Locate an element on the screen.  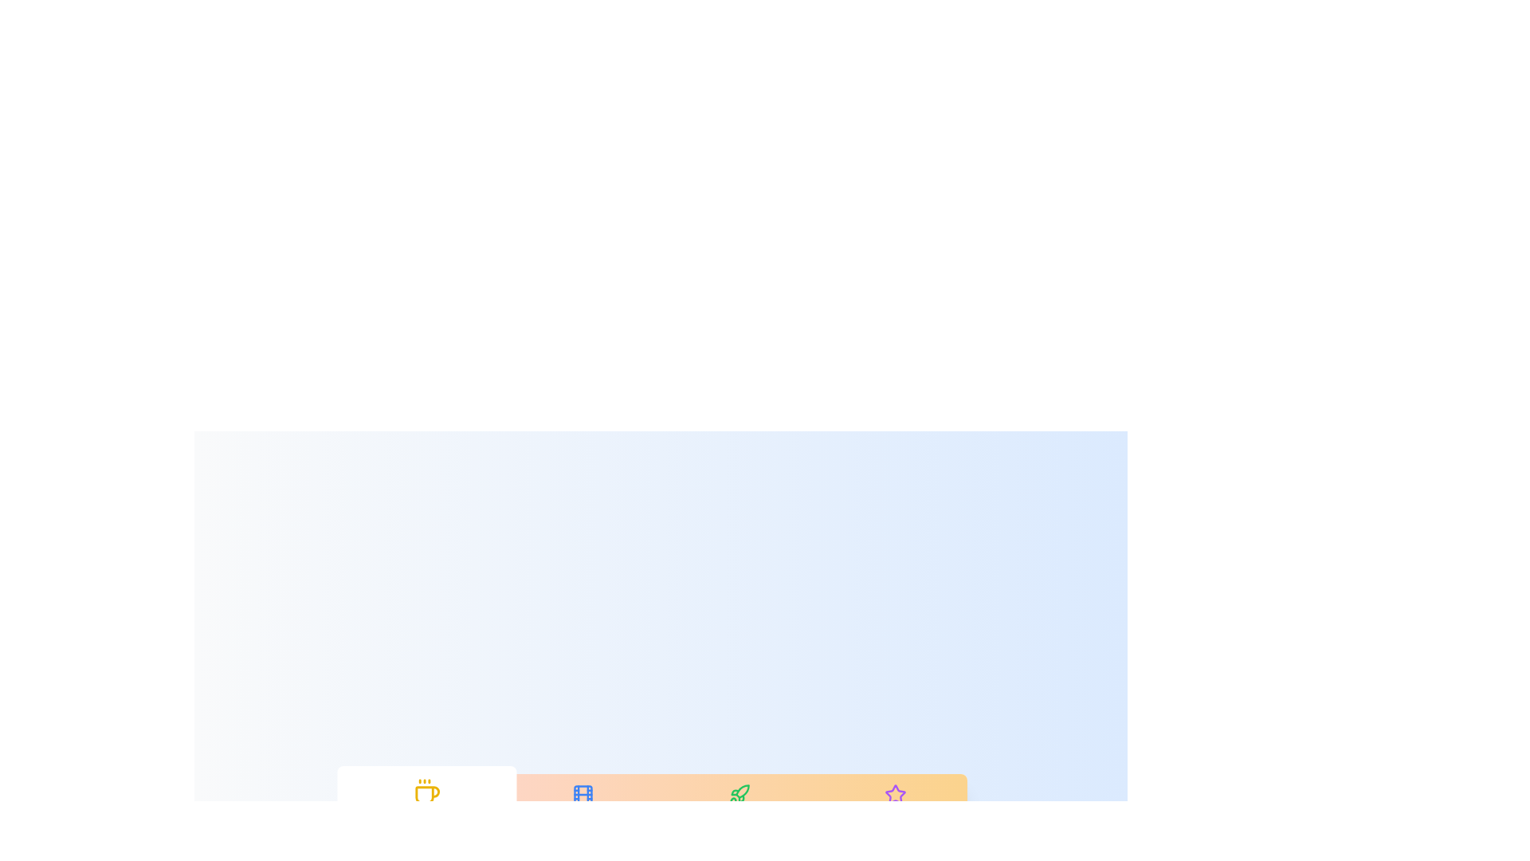
the tab labeled Relax to select it is located at coordinates (426, 805).